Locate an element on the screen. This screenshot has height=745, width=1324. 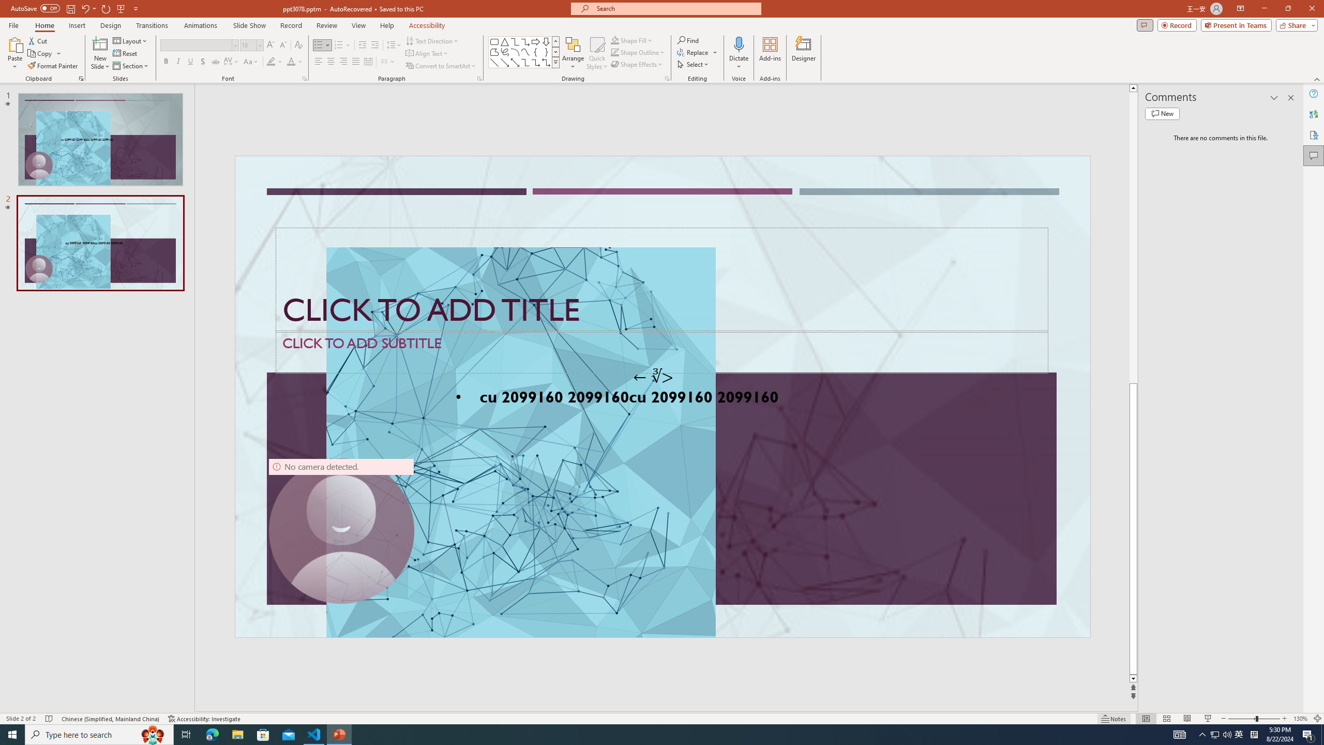
'TextBox 7' is located at coordinates (653, 376).